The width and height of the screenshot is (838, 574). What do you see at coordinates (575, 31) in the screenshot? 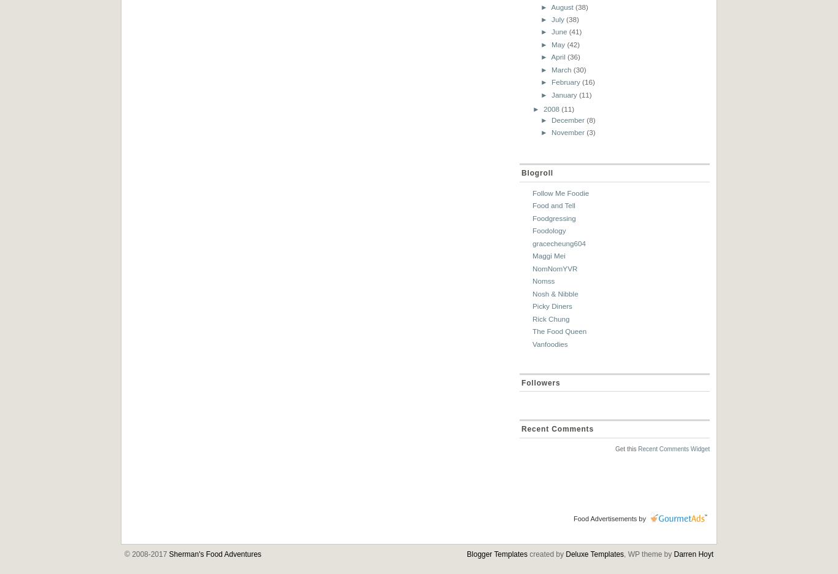
I see `'(41)'` at bounding box center [575, 31].